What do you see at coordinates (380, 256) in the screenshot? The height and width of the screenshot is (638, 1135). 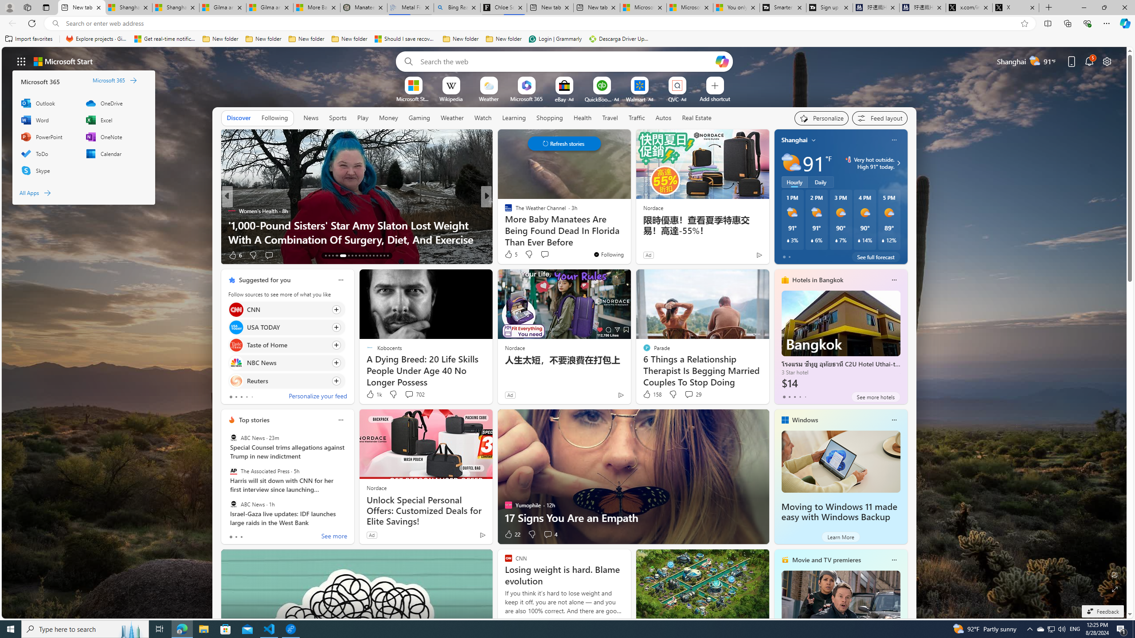 I see `'AutomationID: tab-40'` at bounding box center [380, 256].